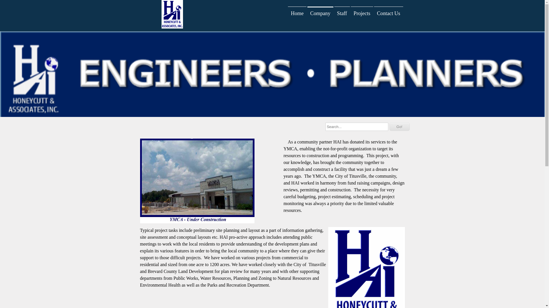 The image size is (549, 308). What do you see at coordinates (297, 13) in the screenshot?
I see `'Home'` at bounding box center [297, 13].